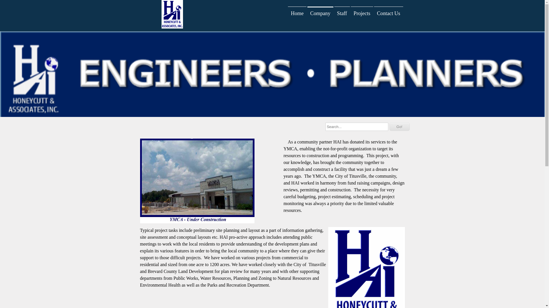 The image size is (549, 308). What do you see at coordinates (297, 13) in the screenshot?
I see `'Home'` at bounding box center [297, 13].